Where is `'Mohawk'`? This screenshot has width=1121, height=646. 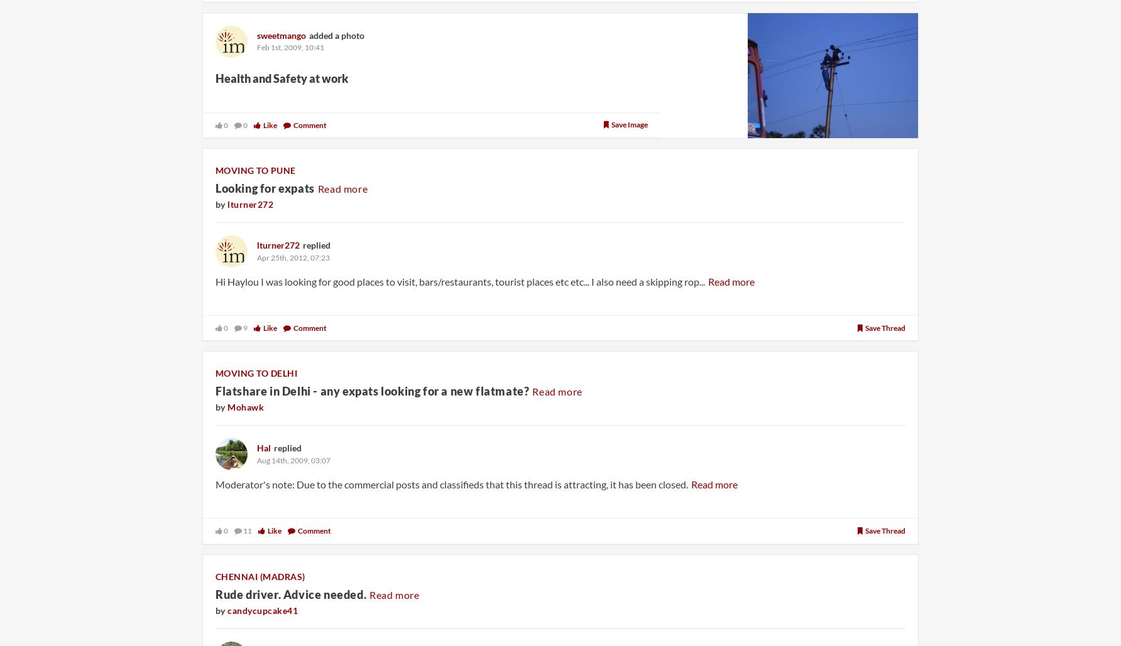 'Mohawk' is located at coordinates (245, 407).